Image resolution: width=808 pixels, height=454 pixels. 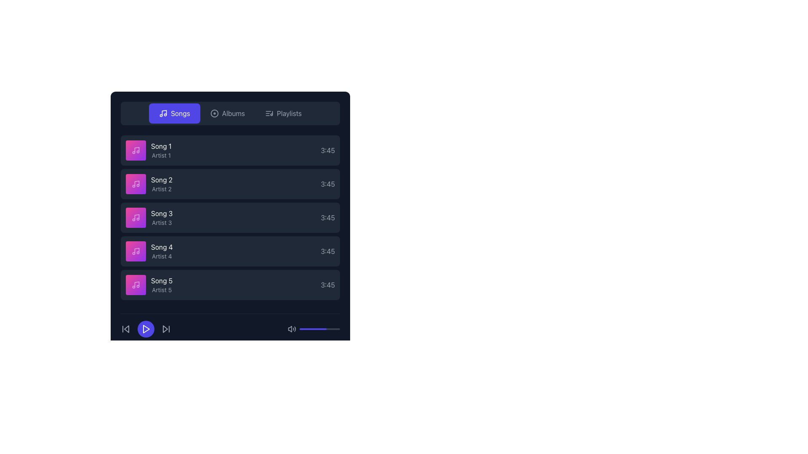 I want to click on the 'Playlists' button, which is a horizontally rectangular button with rounded corners containing a light gray text label and an icon resembling a list with a music note, located as the third option in a row of buttons at the top of the interface, so click(x=283, y=113).